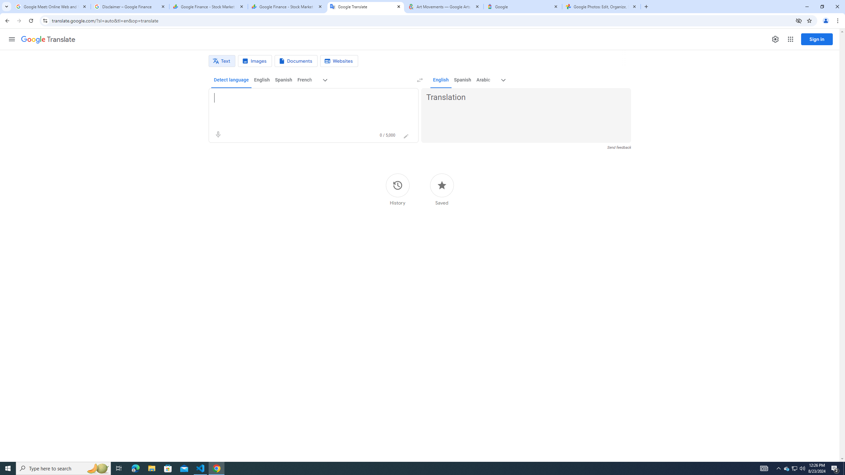 The width and height of the screenshot is (845, 475). Describe the element at coordinates (296, 61) in the screenshot. I see `'Document translation'` at that location.